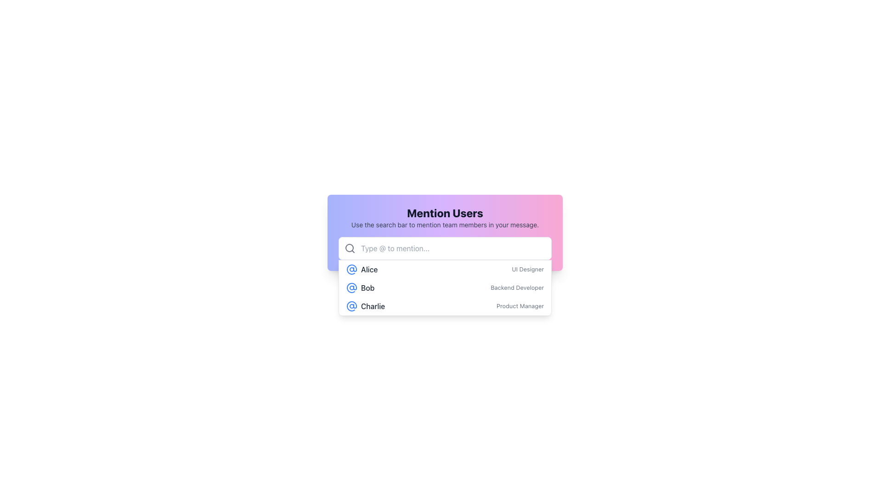 The height and width of the screenshot is (496, 882). What do you see at coordinates (445, 287) in the screenshot?
I see `to select the user option 'Bob' with the title 'Backend Developer' from the second entry in the dropdown list below the search bar labeled 'Type @ to mention...'` at bounding box center [445, 287].